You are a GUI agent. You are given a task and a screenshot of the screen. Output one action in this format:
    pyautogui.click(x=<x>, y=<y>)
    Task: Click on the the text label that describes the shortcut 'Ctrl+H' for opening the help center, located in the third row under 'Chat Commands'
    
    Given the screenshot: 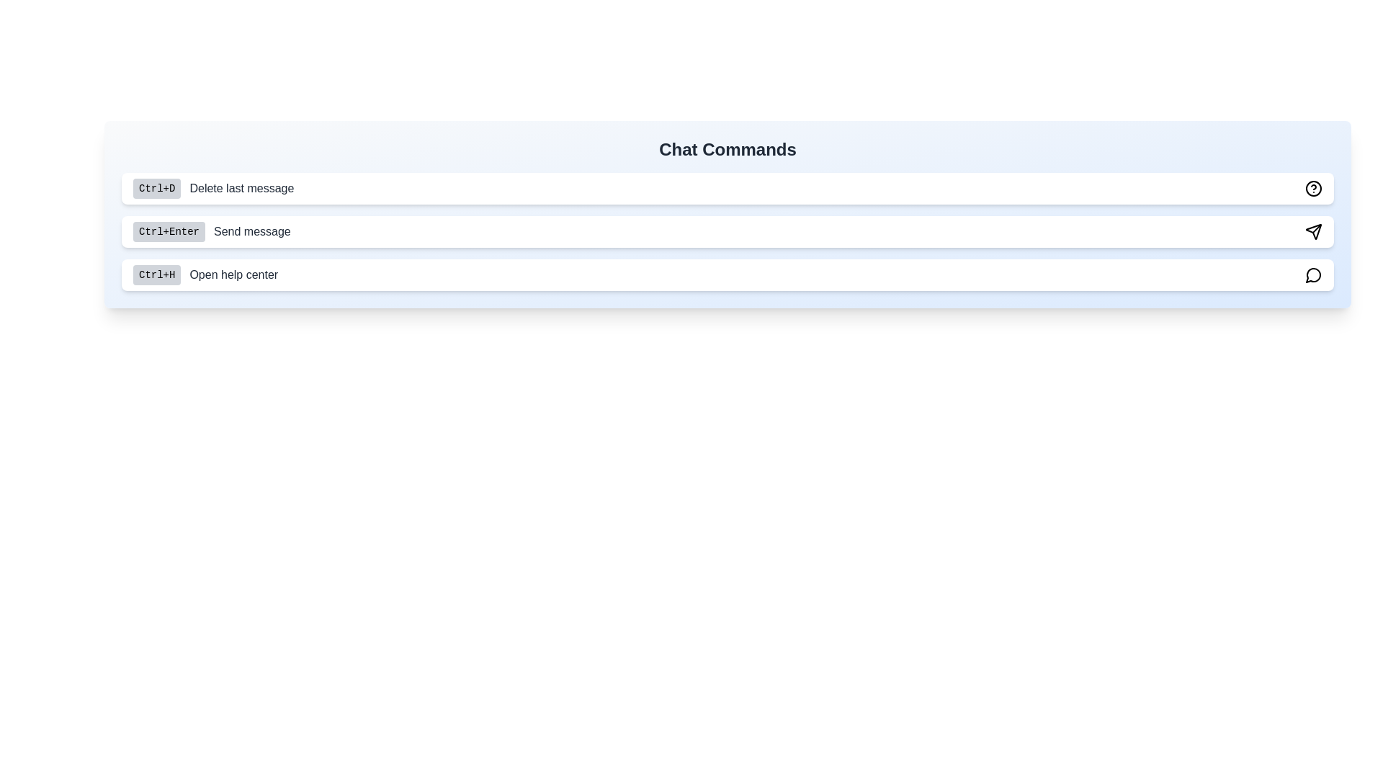 What is the action you would take?
    pyautogui.click(x=233, y=274)
    